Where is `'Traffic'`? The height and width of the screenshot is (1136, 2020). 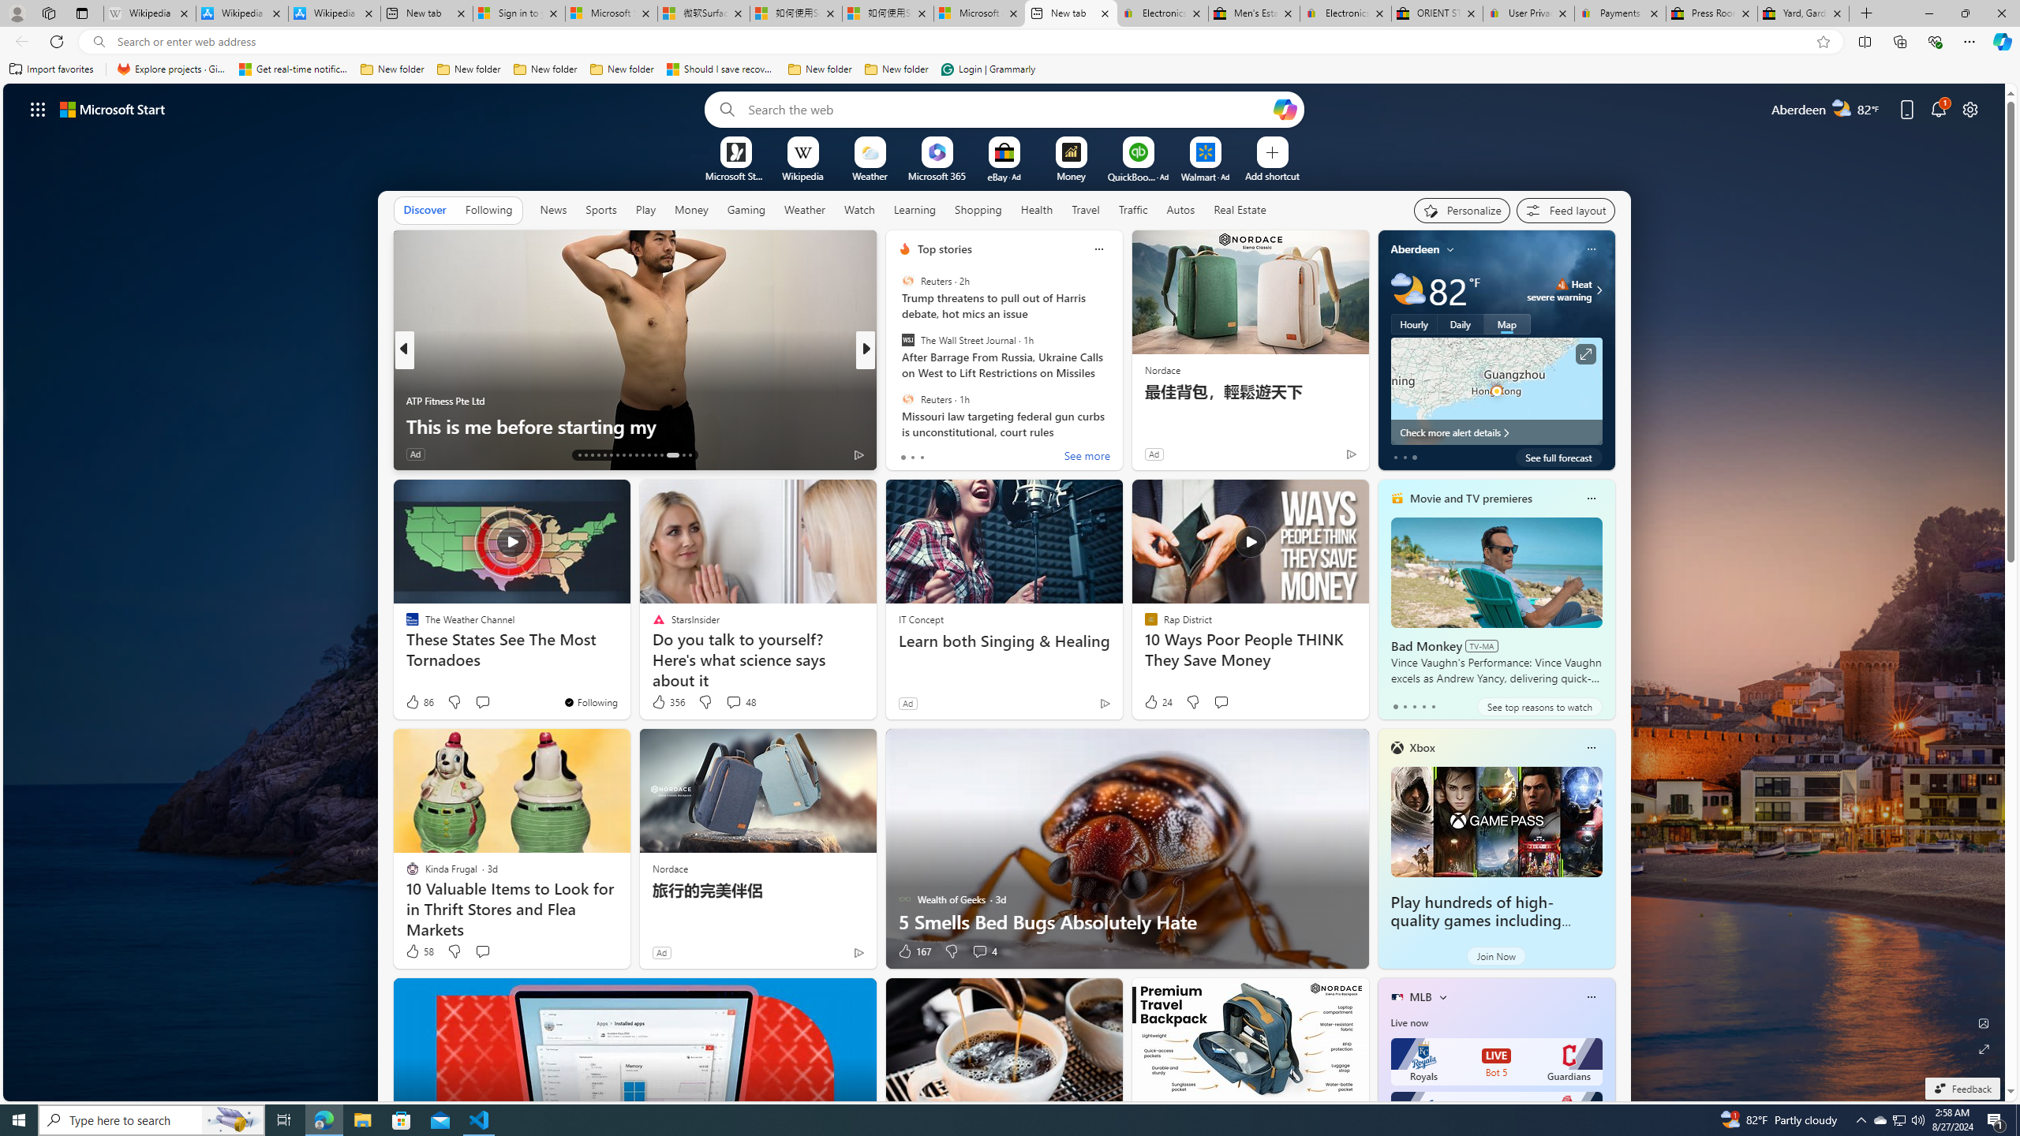
'Traffic' is located at coordinates (1132, 209).